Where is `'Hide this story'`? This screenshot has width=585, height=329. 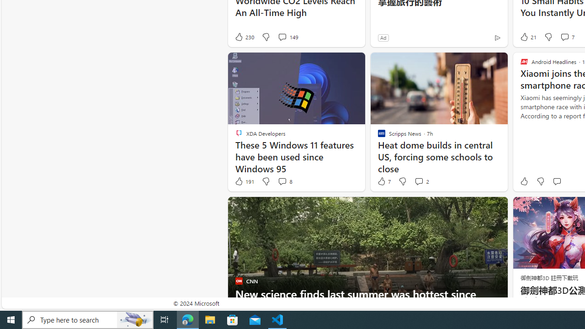 'Hide this story' is located at coordinates (479, 208).